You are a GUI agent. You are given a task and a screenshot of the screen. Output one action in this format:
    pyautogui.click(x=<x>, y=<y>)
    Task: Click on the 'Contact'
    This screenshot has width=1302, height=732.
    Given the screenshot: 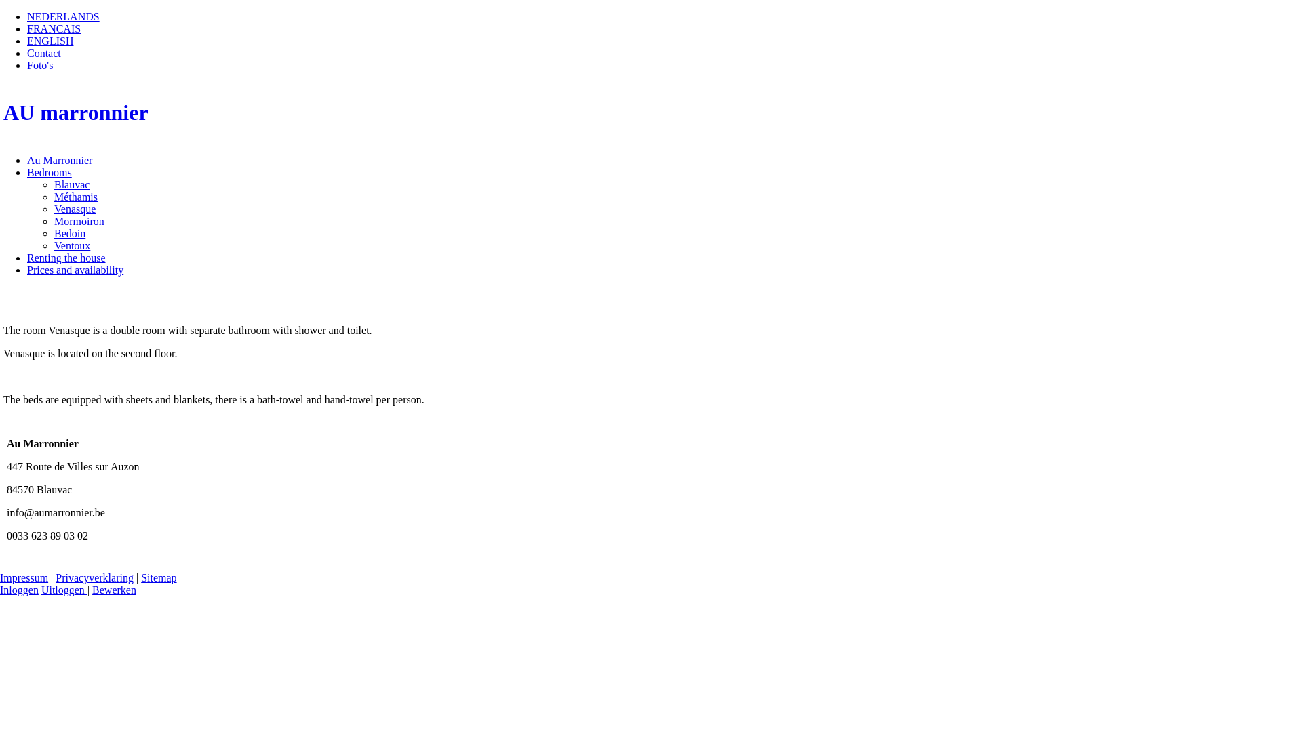 What is the action you would take?
    pyautogui.click(x=44, y=52)
    